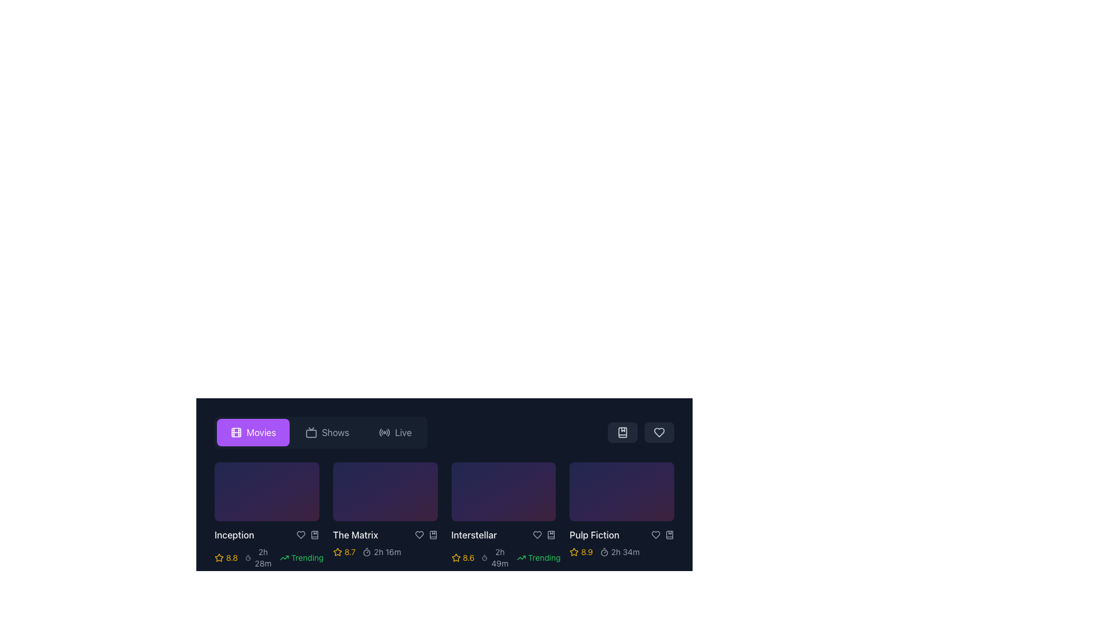 The width and height of the screenshot is (1099, 618). Describe the element at coordinates (385, 551) in the screenshot. I see `the static text displaying the runtime of the movie 'The Matrix', which is located below the title and rating within the movie entry` at that location.